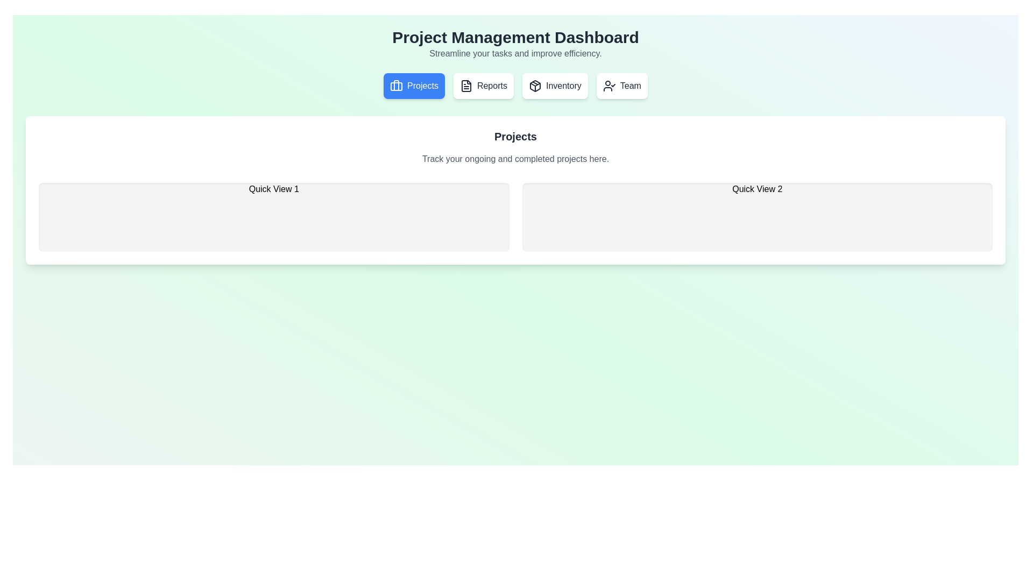  What do you see at coordinates (466, 85) in the screenshot?
I see `the body of the document icon representing the 'Reports' section in the dashboard header, which is characterized by a rectangular structure with a cut-off top corner` at bounding box center [466, 85].